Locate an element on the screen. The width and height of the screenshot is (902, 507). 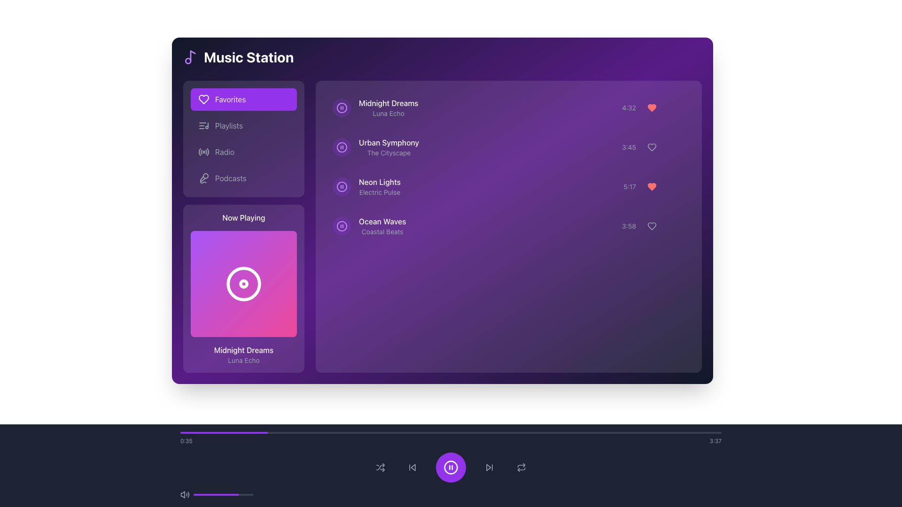
the circular pause button with two vertical bars in the 'Urban Symphony' row is located at coordinates (342, 147).